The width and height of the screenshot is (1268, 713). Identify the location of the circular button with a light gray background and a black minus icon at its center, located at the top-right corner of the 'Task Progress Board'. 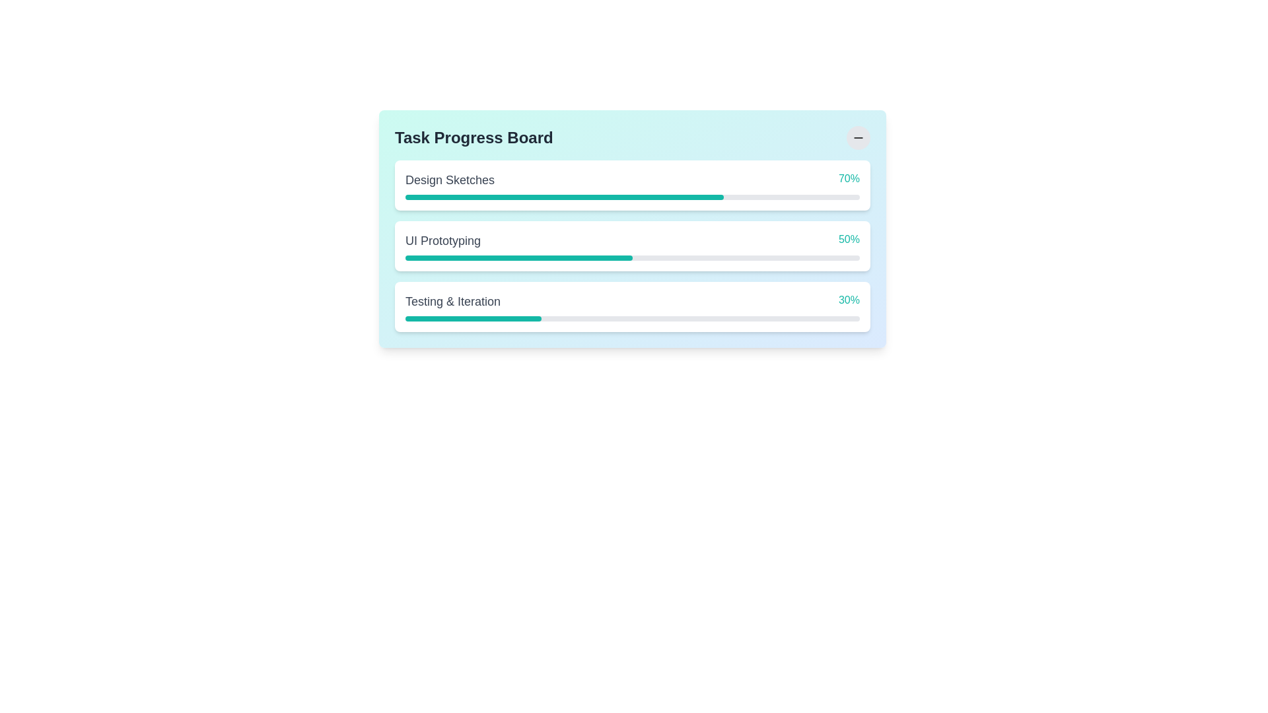
(859, 137).